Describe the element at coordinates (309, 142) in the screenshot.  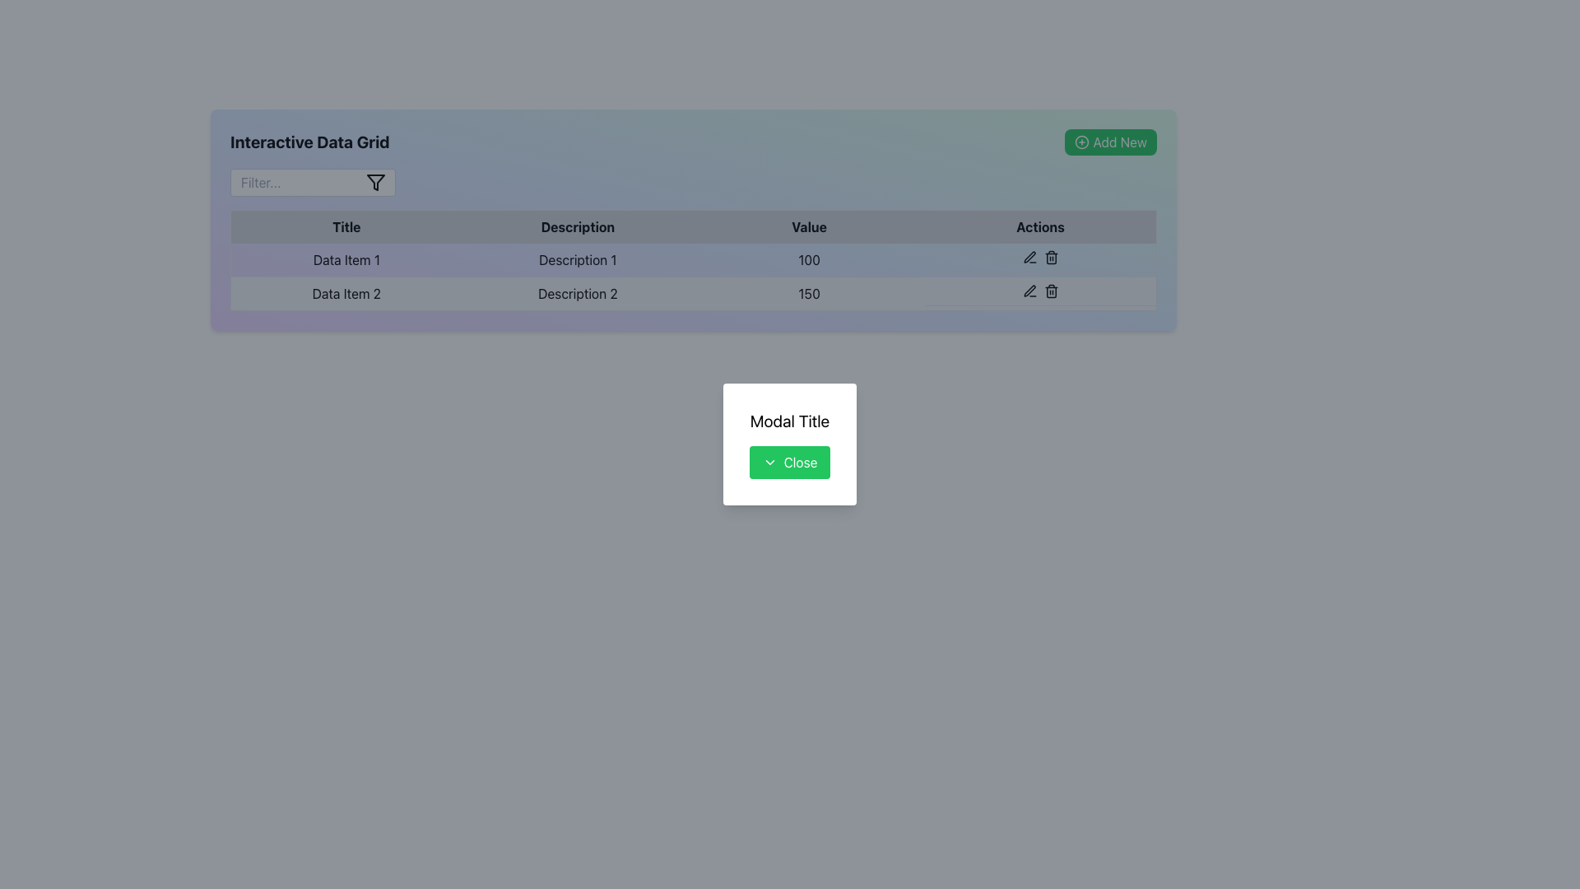
I see `the text label displaying 'Interactive Data Grid', which is in bold and extra-large font and serves as a title in the data grid section` at that location.